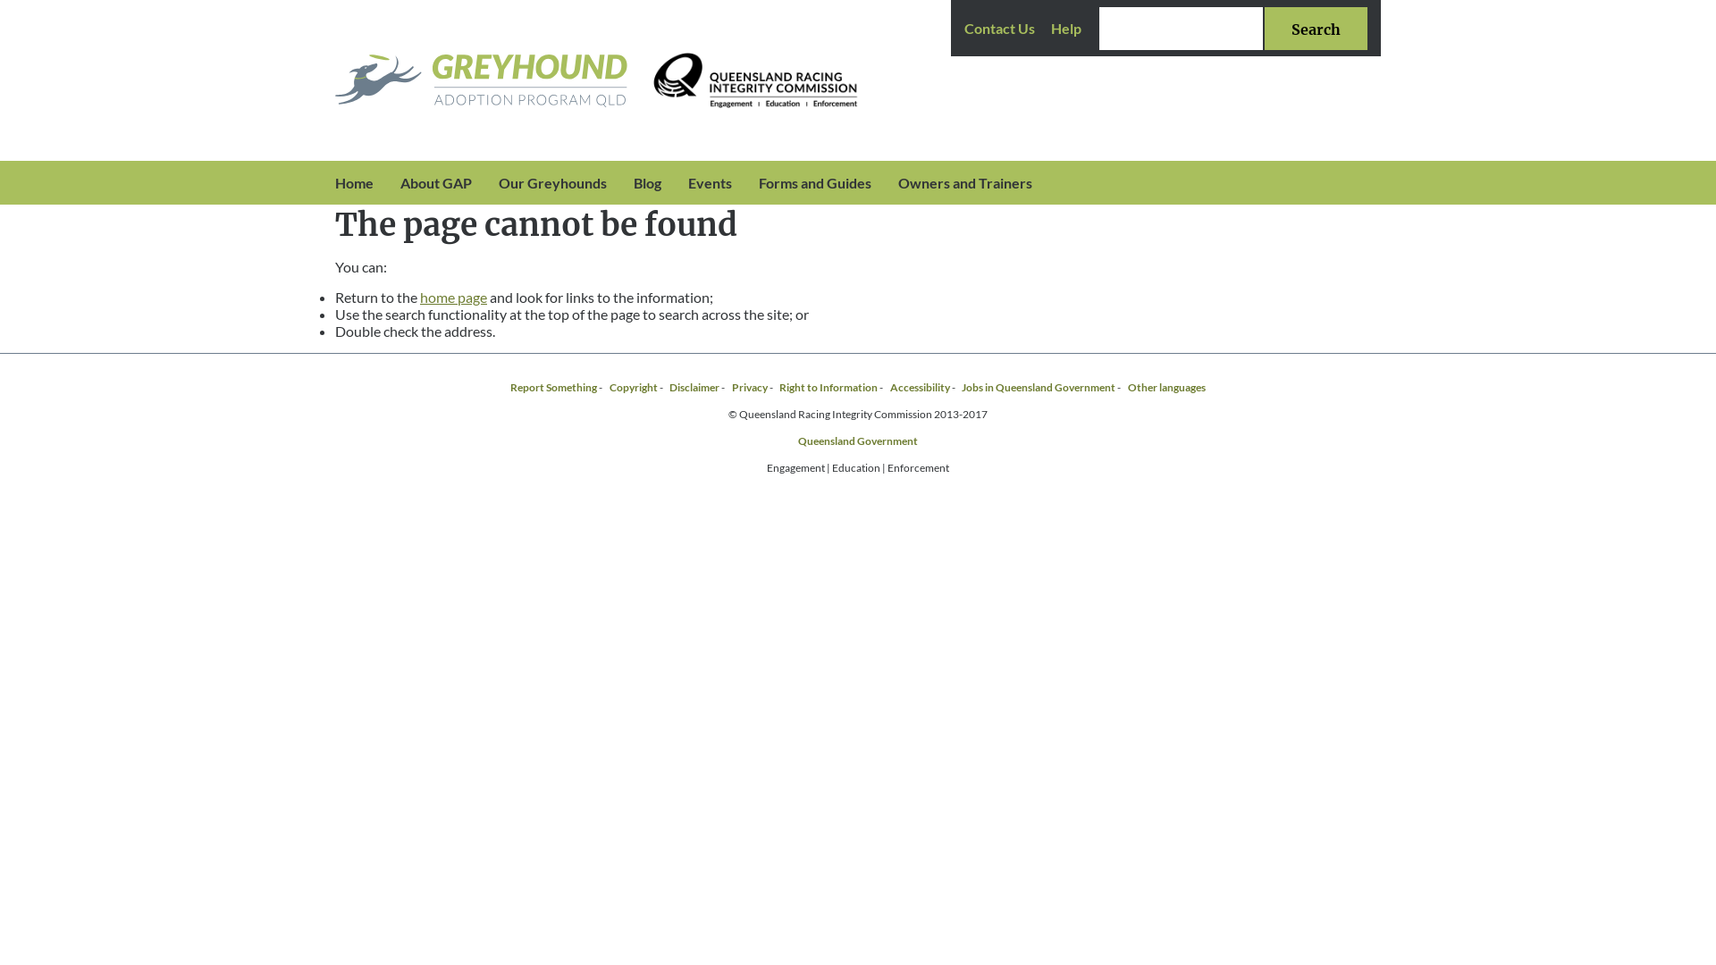  I want to click on 'Contact Us', so click(998, 28).